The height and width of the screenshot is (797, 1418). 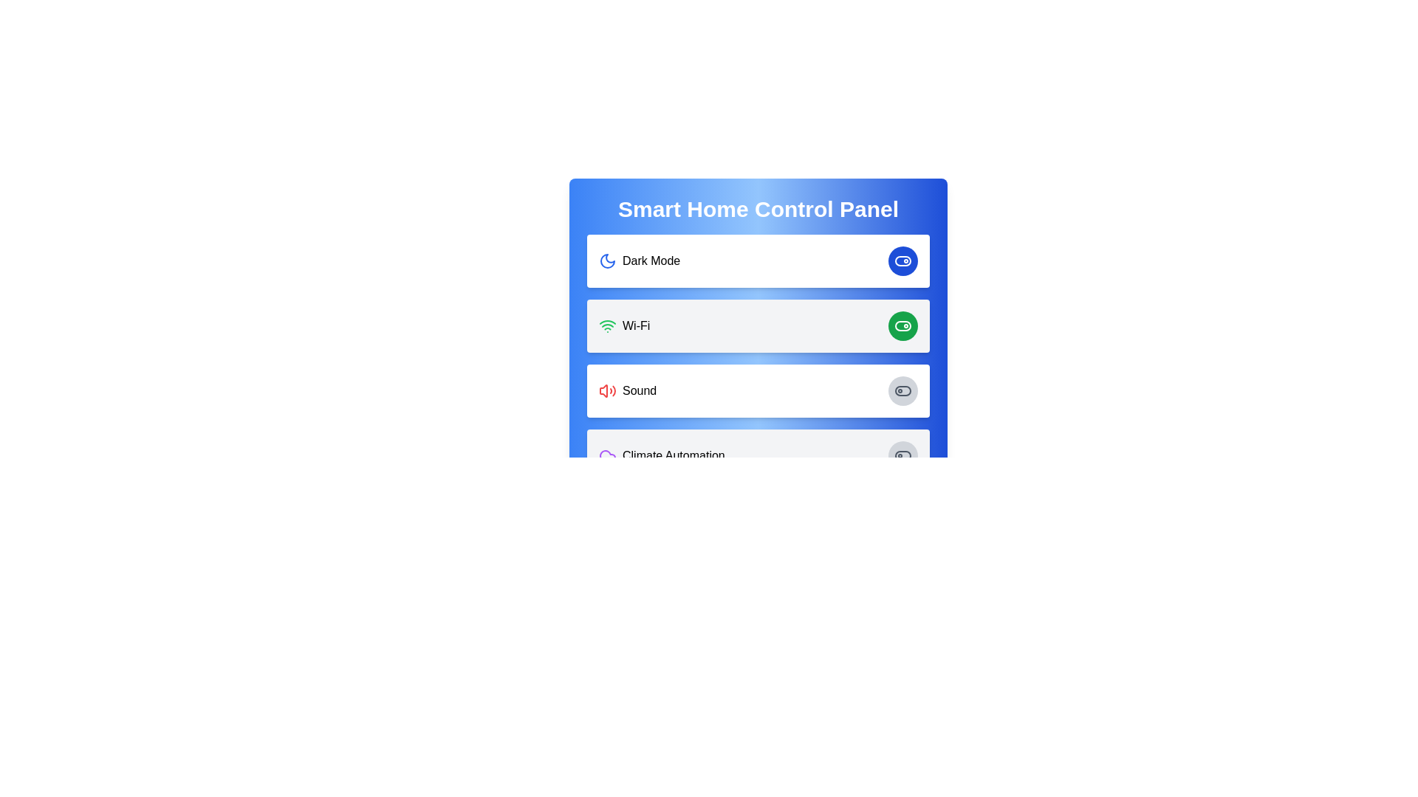 I want to click on sound control icon located under the 'Sound' label, positioned to the left of the 'Sound' text, in the middle-right region of the interface, so click(x=607, y=390).